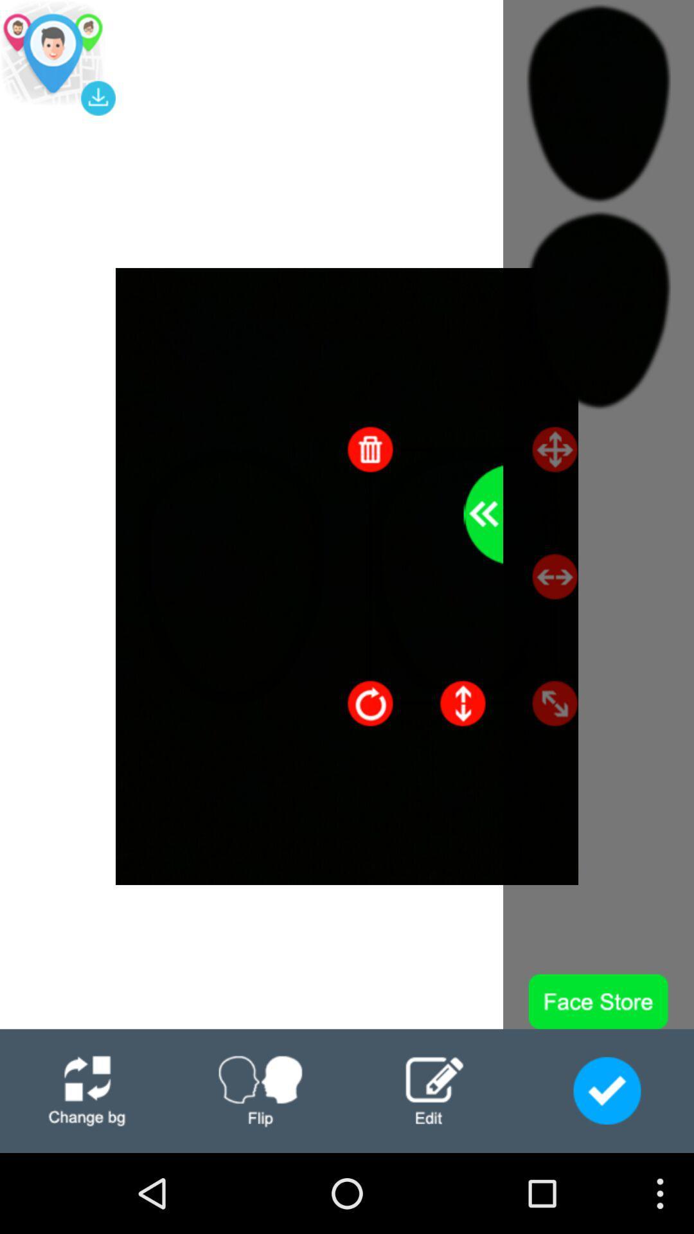 The height and width of the screenshot is (1234, 694). What do you see at coordinates (57, 57) in the screenshot?
I see `location button` at bounding box center [57, 57].